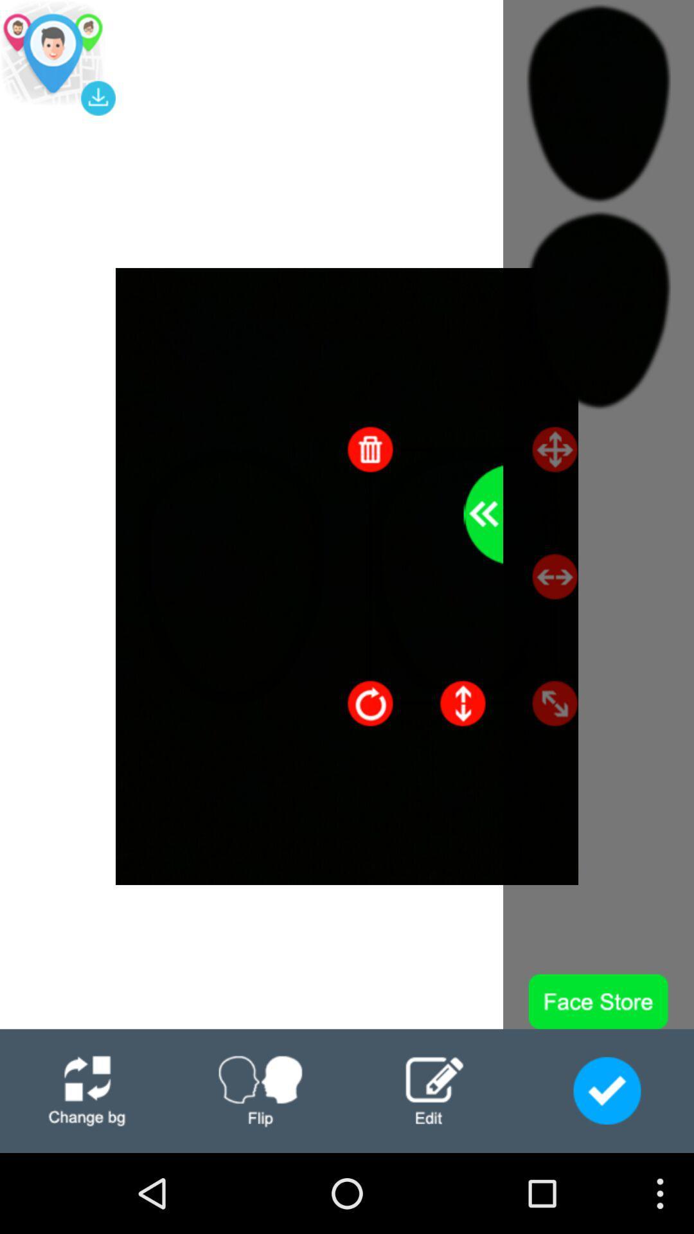 The height and width of the screenshot is (1234, 694). What do you see at coordinates (57, 57) in the screenshot?
I see `location button` at bounding box center [57, 57].